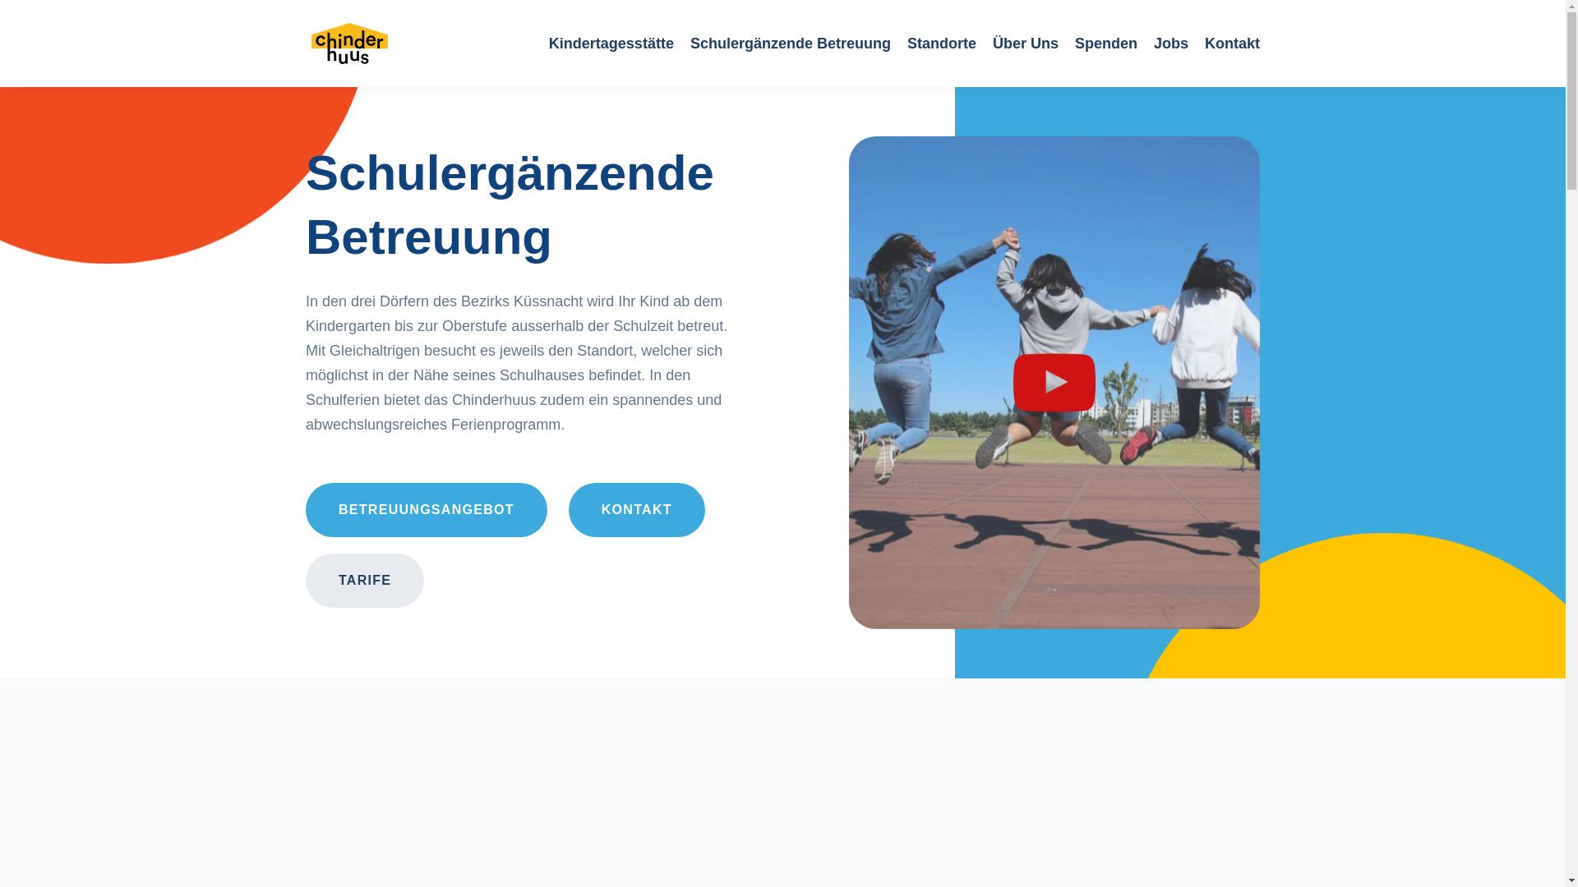  I want to click on 'Standorte', so click(907, 43).